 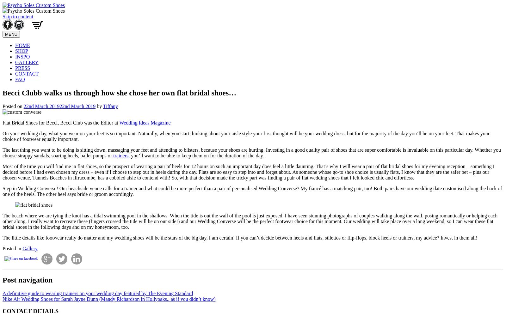 What do you see at coordinates (109, 298) in the screenshot?
I see `'Nike Air Wedding Shoes for Sarah Jayne Dunn (Mandy Richardson in Hollyoaks.. as if you didn’t know)'` at bounding box center [109, 298].